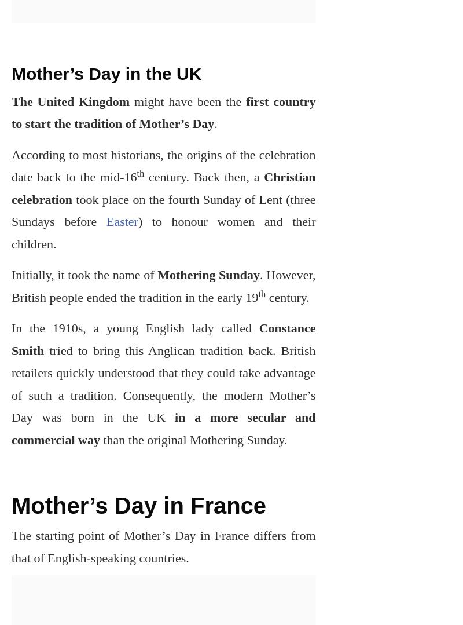 The width and height of the screenshot is (463, 625). I want to click on 'century.', so click(287, 297).